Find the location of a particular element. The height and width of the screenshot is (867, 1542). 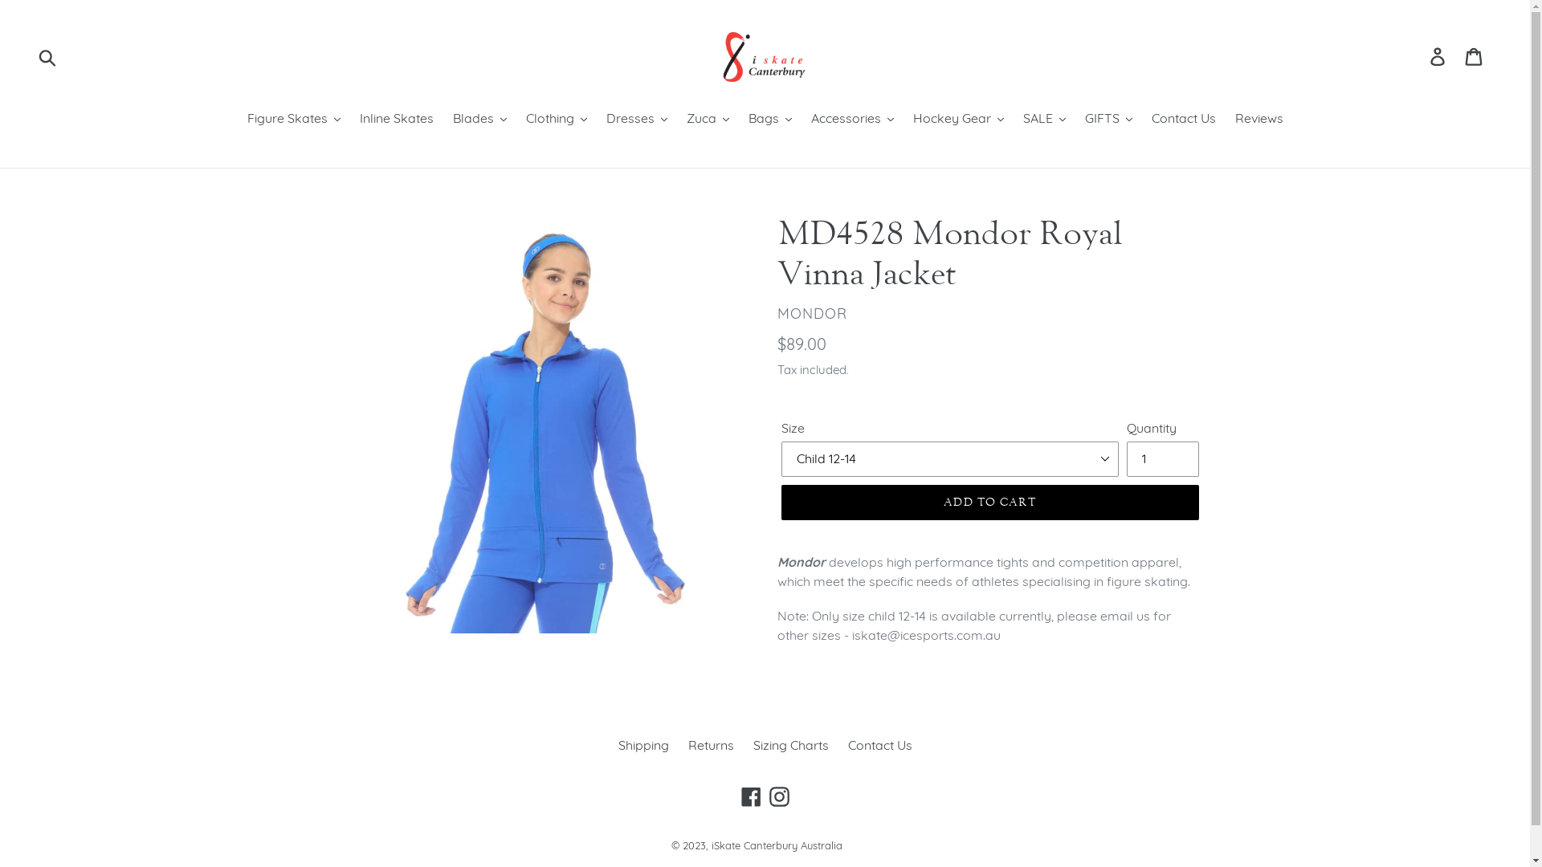

'ADD TO CART' is located at coordinates (989, 501).